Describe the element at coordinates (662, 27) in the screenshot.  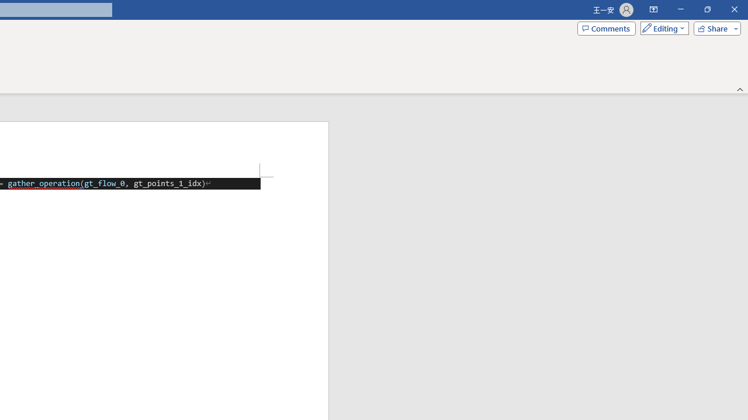
I see `'Mode'` at that location.